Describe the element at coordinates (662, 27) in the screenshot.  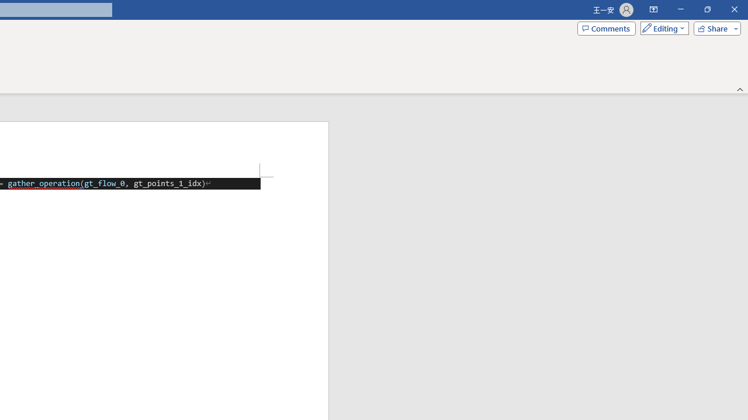
I see `'Mode'` at that location.